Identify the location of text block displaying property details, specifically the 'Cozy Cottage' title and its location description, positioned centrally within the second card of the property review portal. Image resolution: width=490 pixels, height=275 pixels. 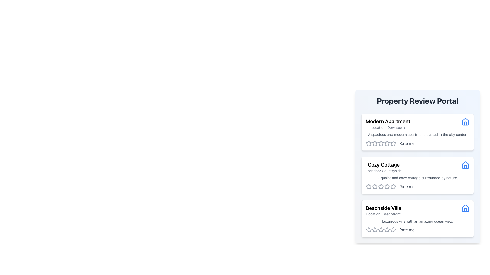
(384, 167).